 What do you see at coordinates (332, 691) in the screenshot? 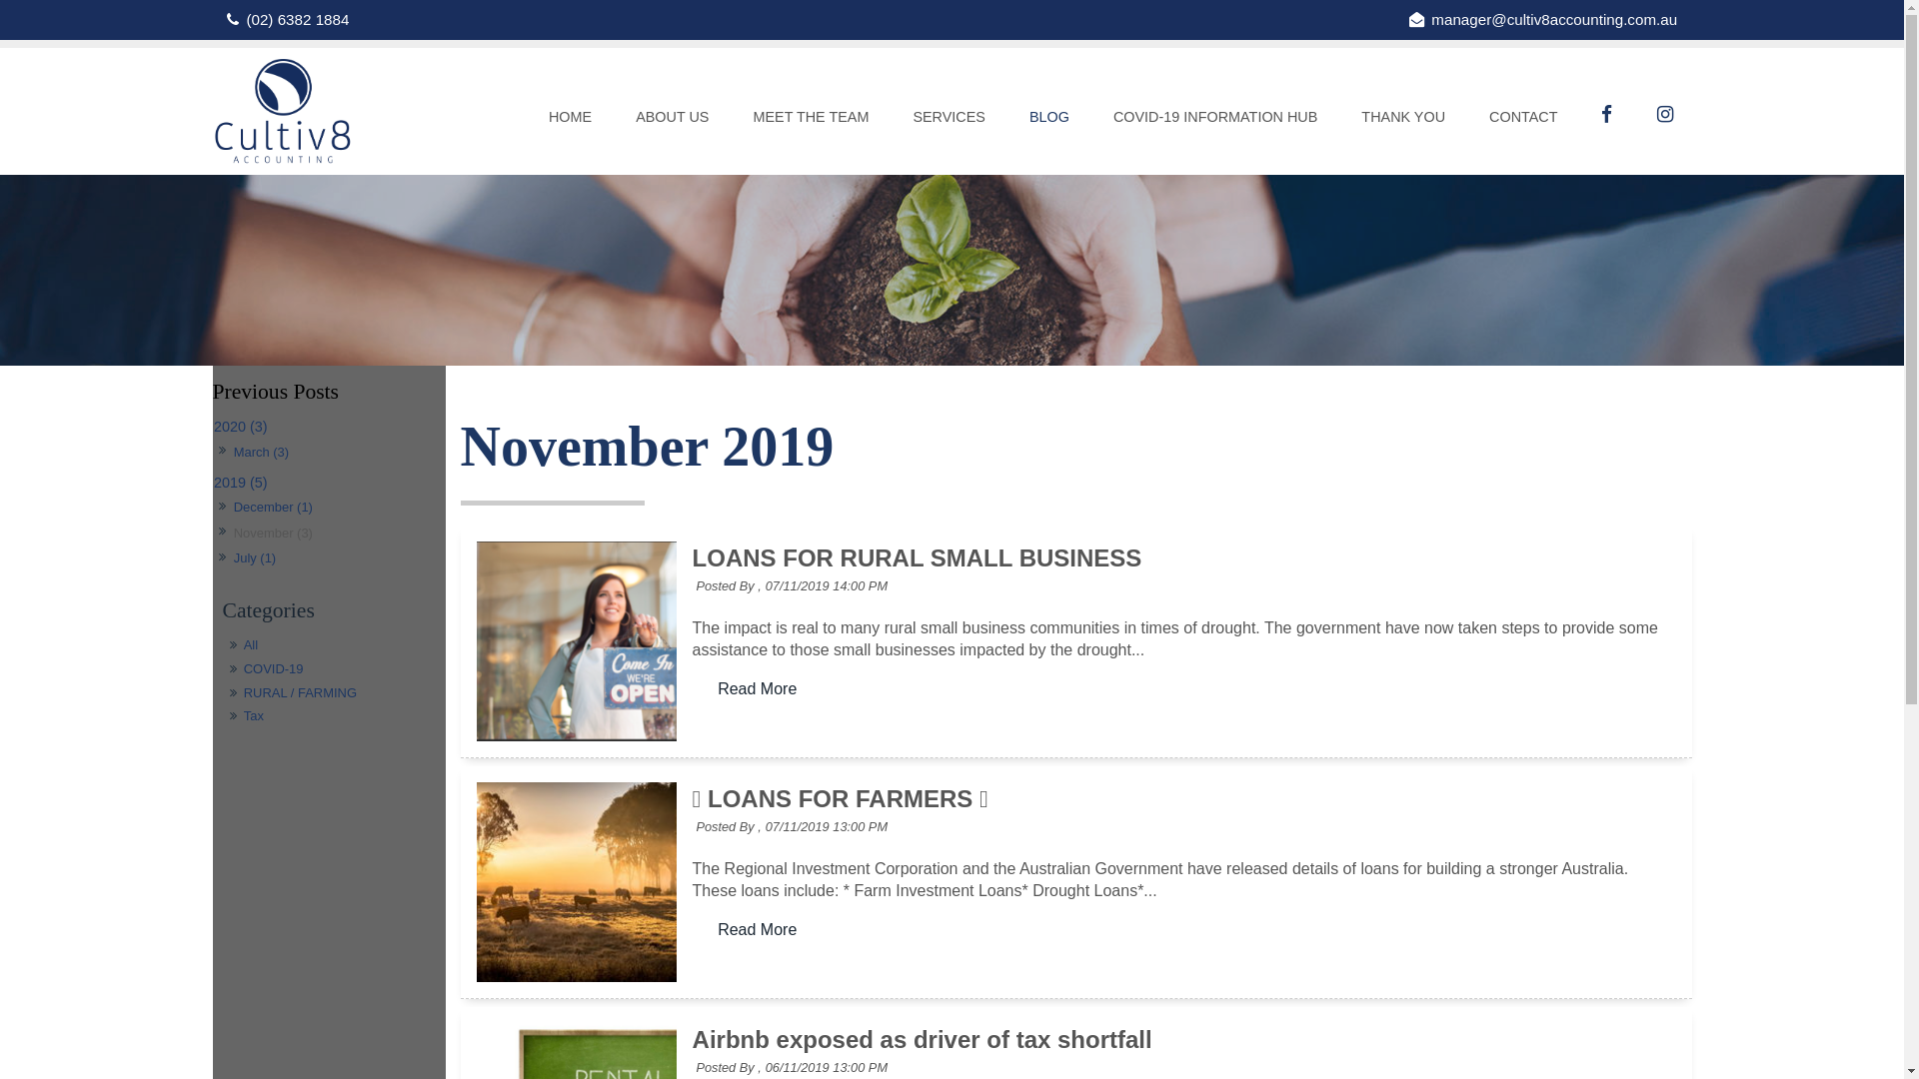
I see `'RURAL / FARMING'` at bounding box center [332, 691].